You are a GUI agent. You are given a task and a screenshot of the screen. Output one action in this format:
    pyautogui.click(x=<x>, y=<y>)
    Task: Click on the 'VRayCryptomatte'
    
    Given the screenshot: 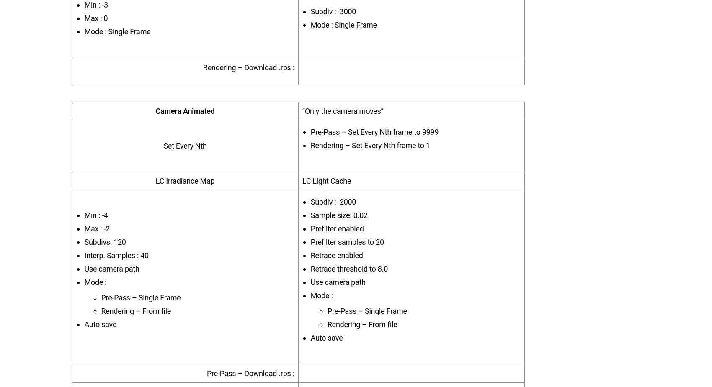 What is the action you would take?
    pyautogui.click(x=298, y=233)
    